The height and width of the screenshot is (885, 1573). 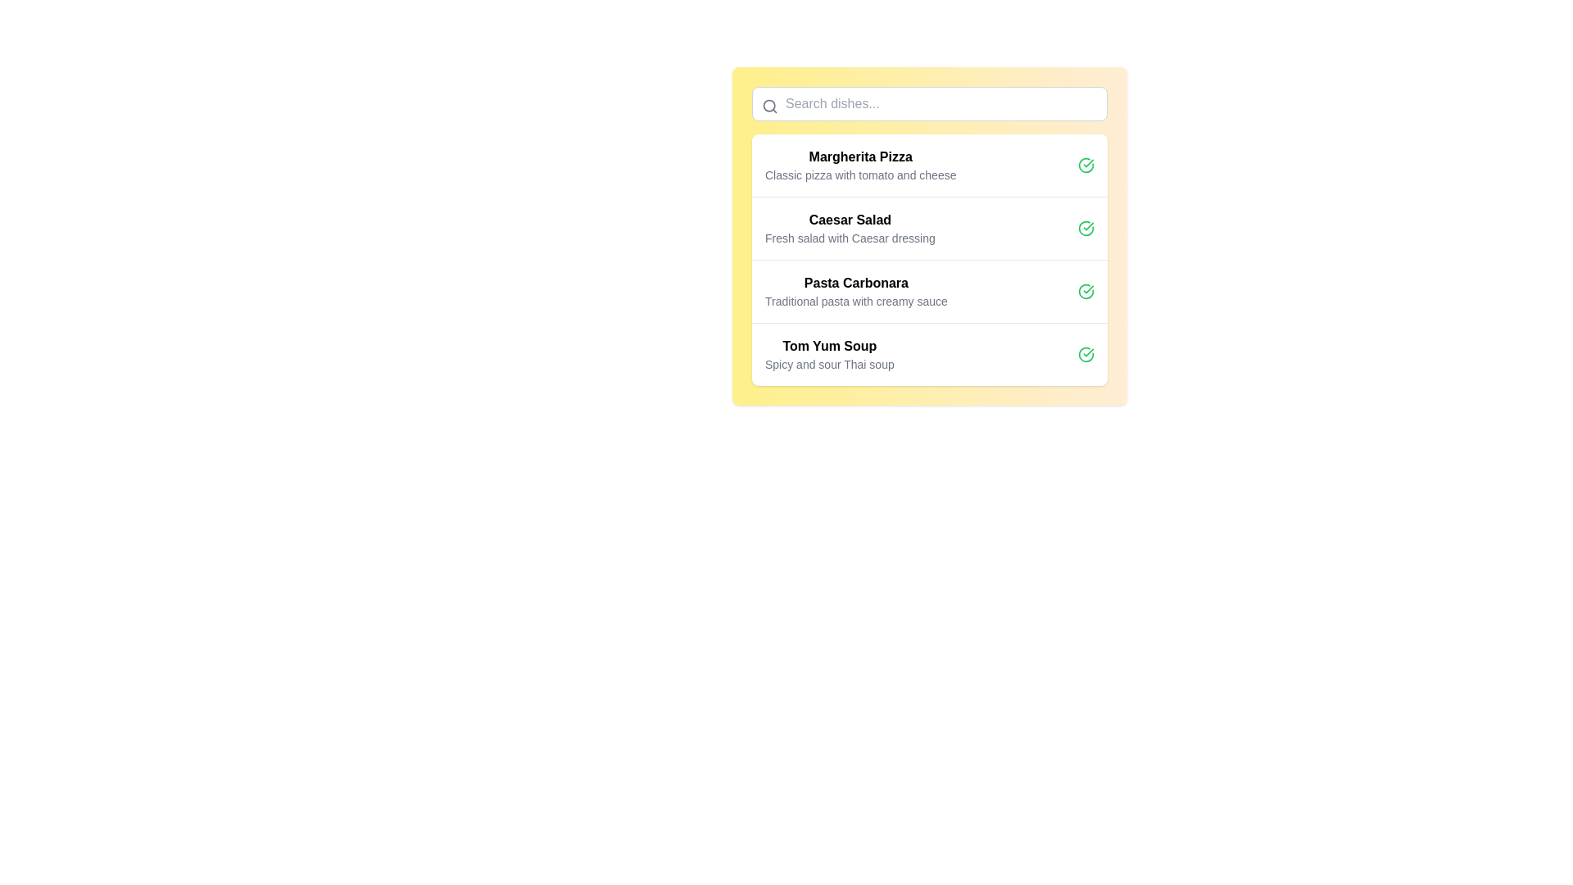 What do you see at coordinates (859, 165) in the screenshot?
I see `the 'Margherita Pizza' menu item label, which includes its title and description, located just below the search bar in the menu item list` at bounding box center [859, 165].